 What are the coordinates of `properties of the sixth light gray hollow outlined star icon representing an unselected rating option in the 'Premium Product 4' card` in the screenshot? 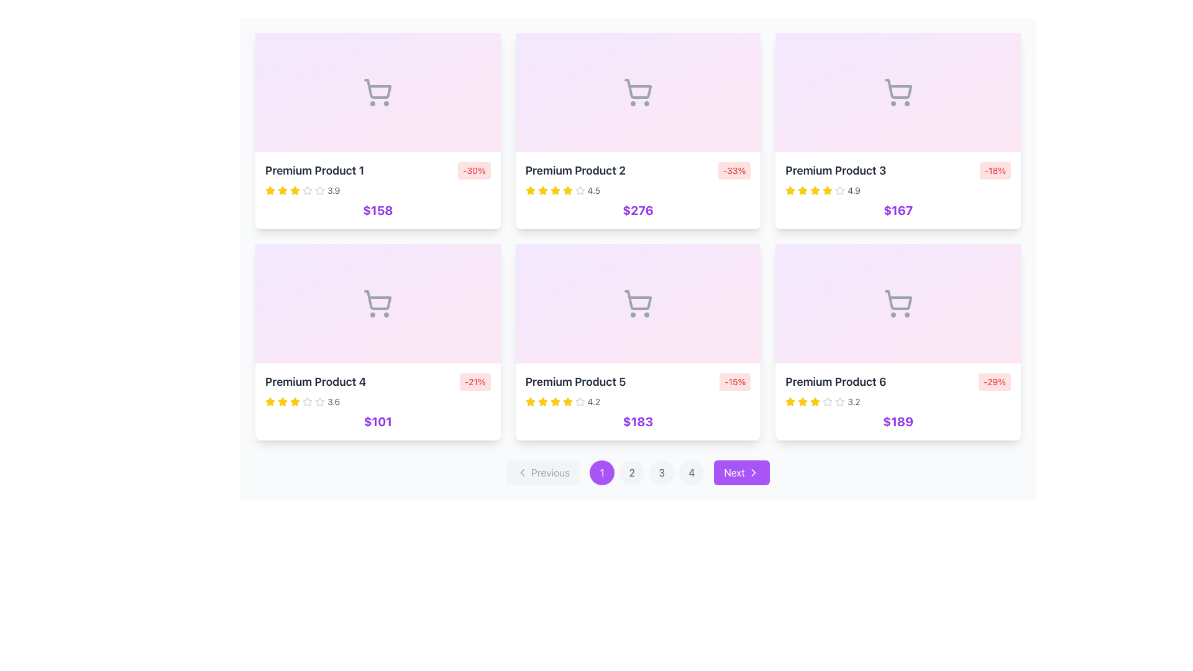 It's located at (307, 402).